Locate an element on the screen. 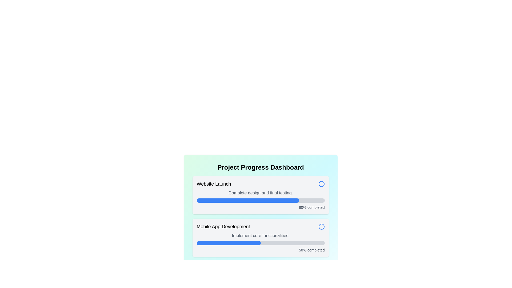 This screenshot has height=288, width=512. the progress bar representing the 50% completion of tasks in the 'Mobile App Development' project, located below 'Implement core functionalities.' is located at coordinates (261, 243).